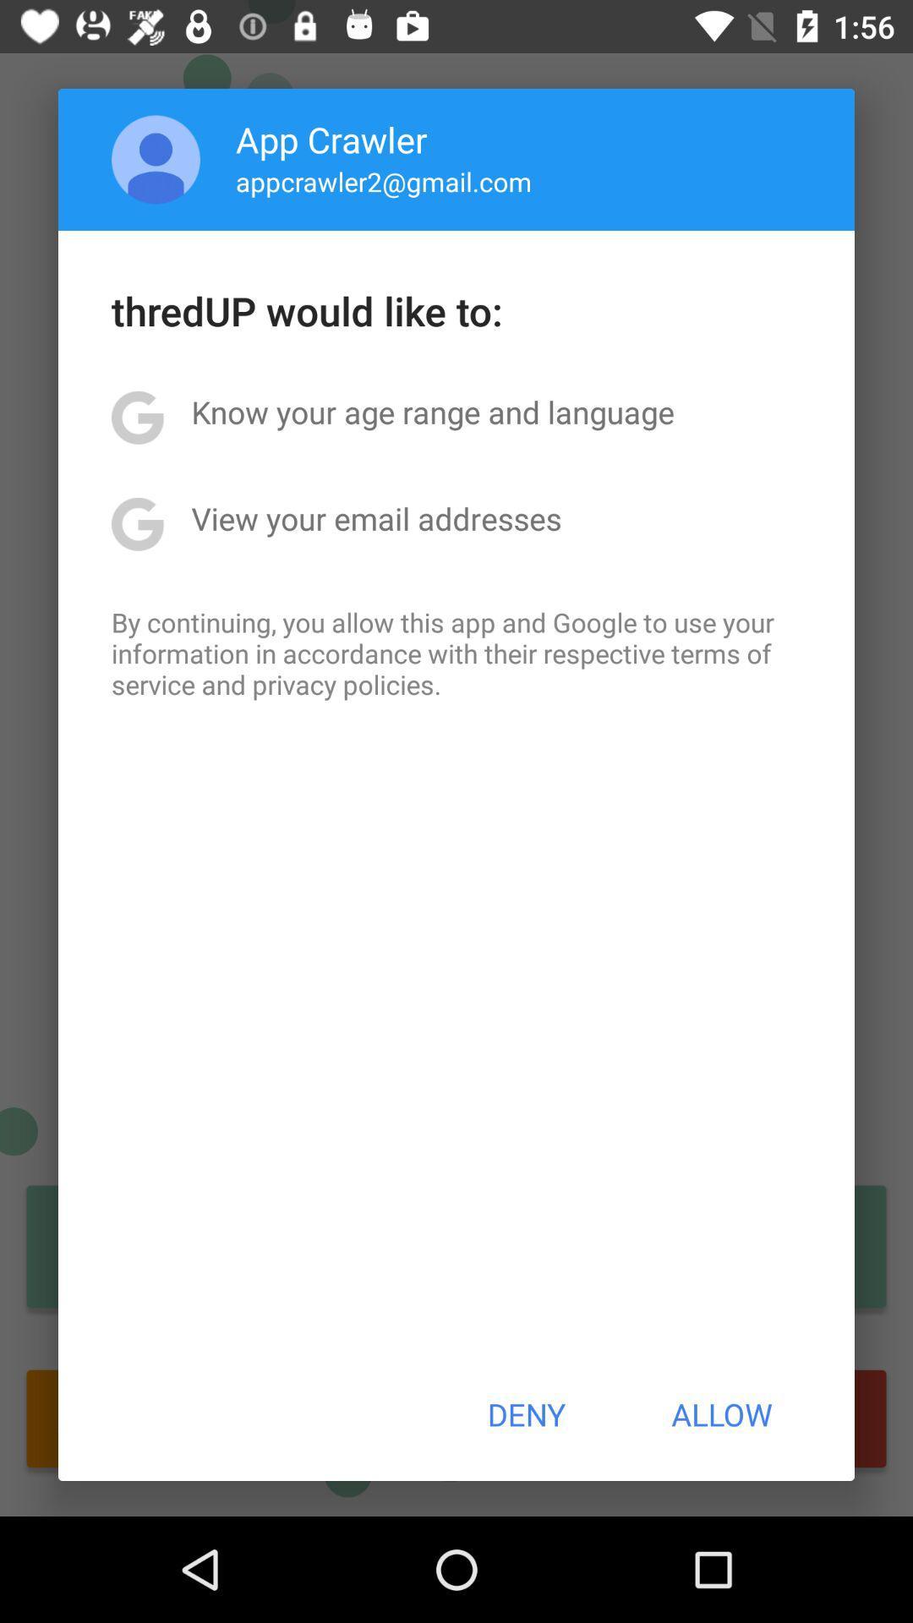 This screenshot has width=913, height=1623. I want to click on item below know your age, so click(375, 517).